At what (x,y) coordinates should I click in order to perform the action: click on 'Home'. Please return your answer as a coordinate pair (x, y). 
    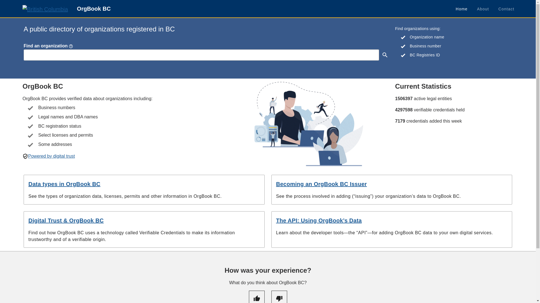
    Looking at the image, I should click on (462, 9).